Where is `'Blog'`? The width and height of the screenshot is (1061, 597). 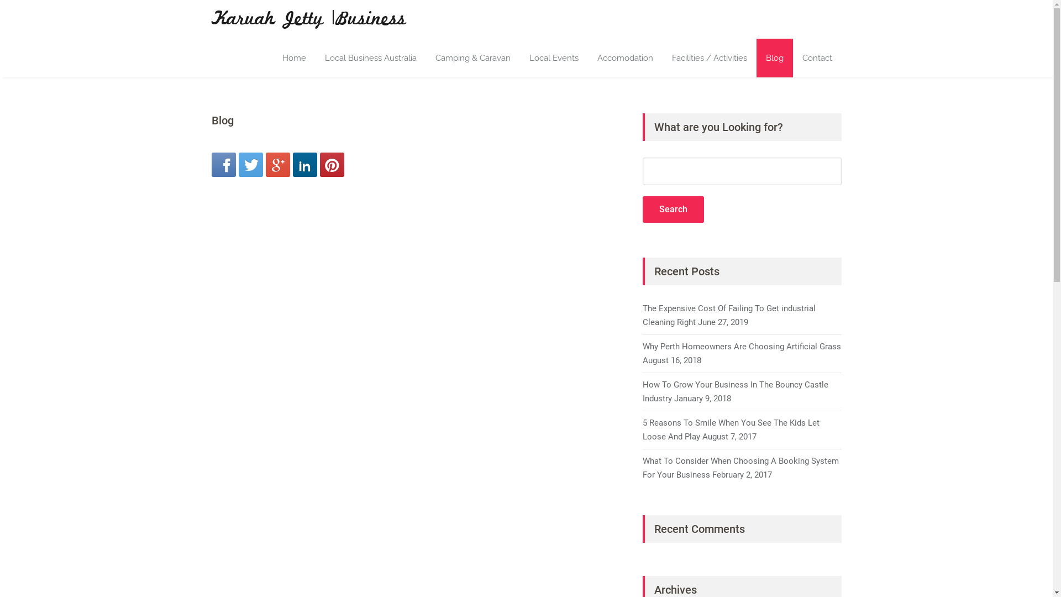 'Blog' is located at coordinates (774, 57).